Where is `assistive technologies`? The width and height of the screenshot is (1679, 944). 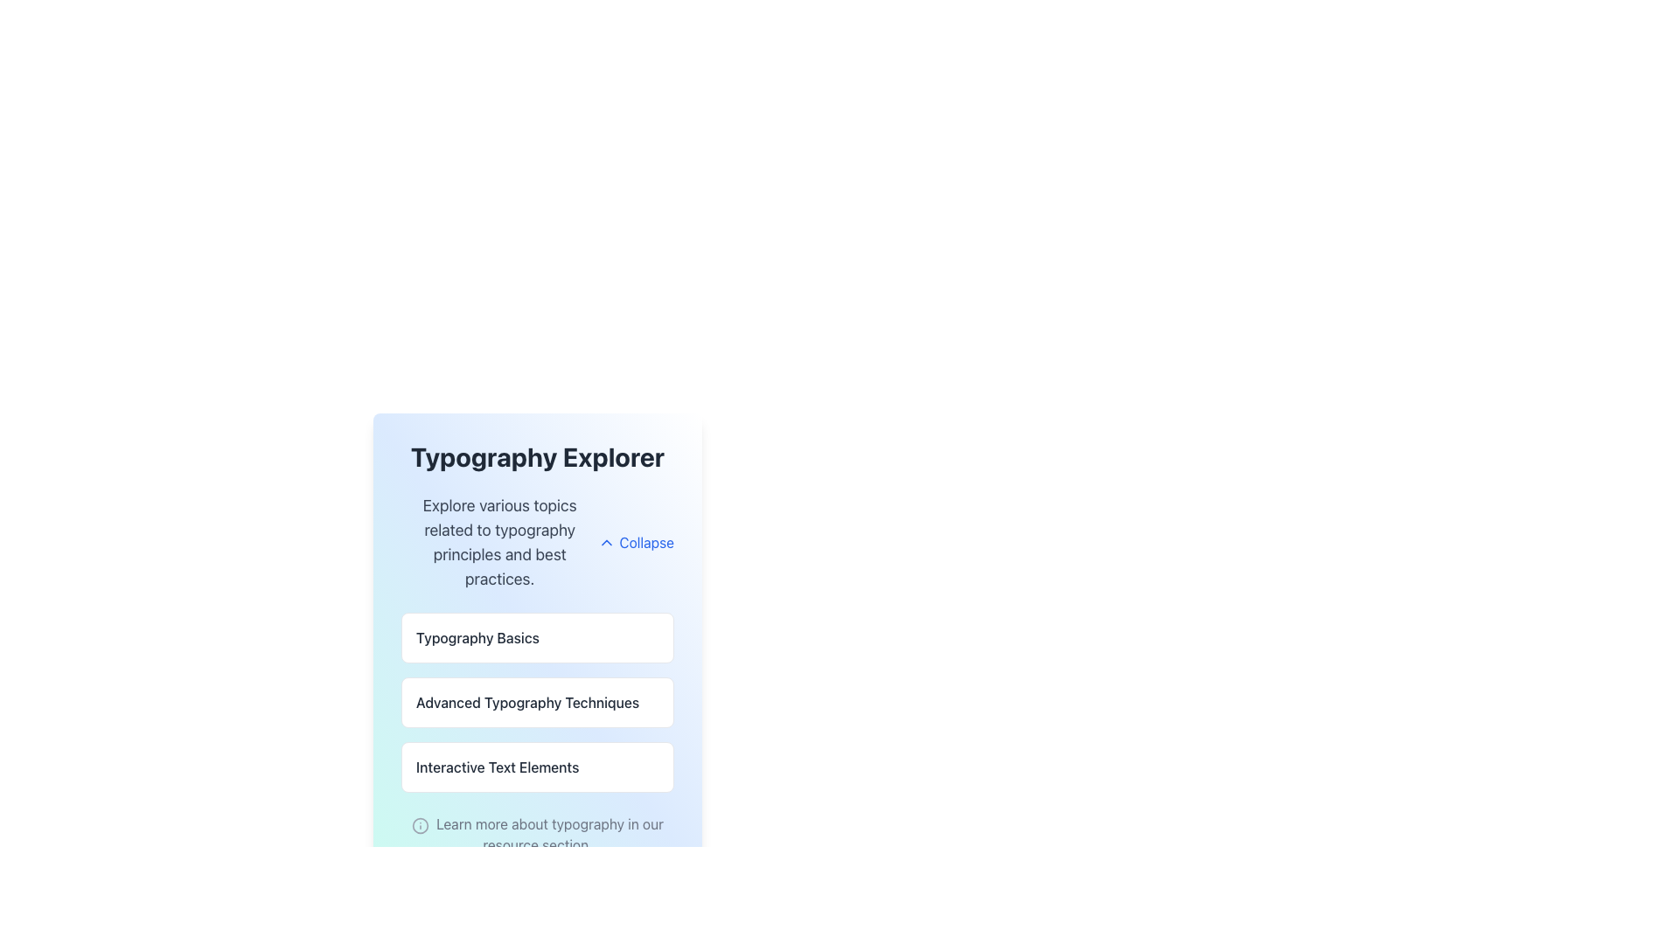 assistive technologies is located at coordinates (526, 701).